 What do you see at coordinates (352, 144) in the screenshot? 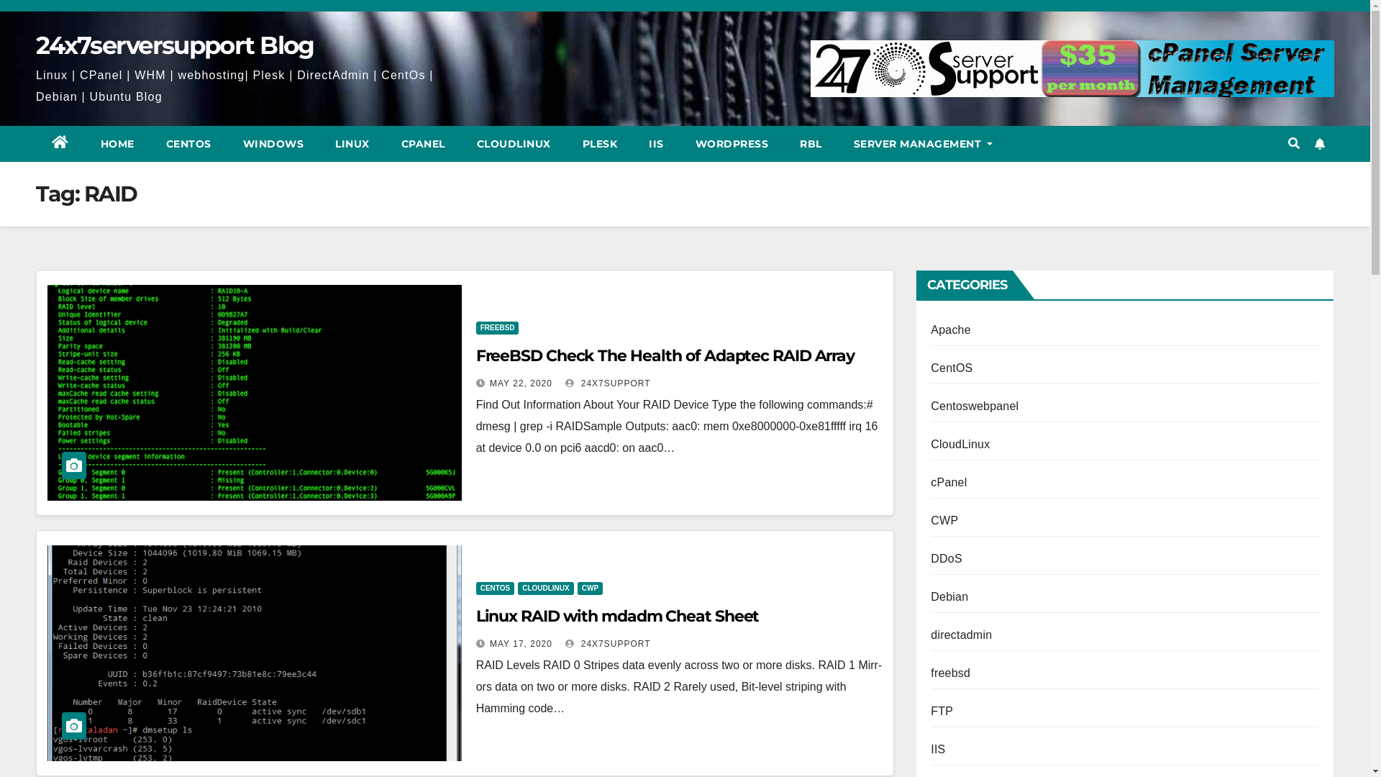
I see `'LINUX'` at bounding box center [352, 144].